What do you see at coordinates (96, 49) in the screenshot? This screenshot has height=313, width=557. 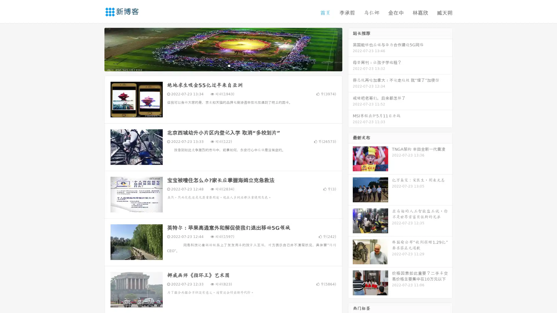 I see `Previous slide` at bounding box center [96, 49].